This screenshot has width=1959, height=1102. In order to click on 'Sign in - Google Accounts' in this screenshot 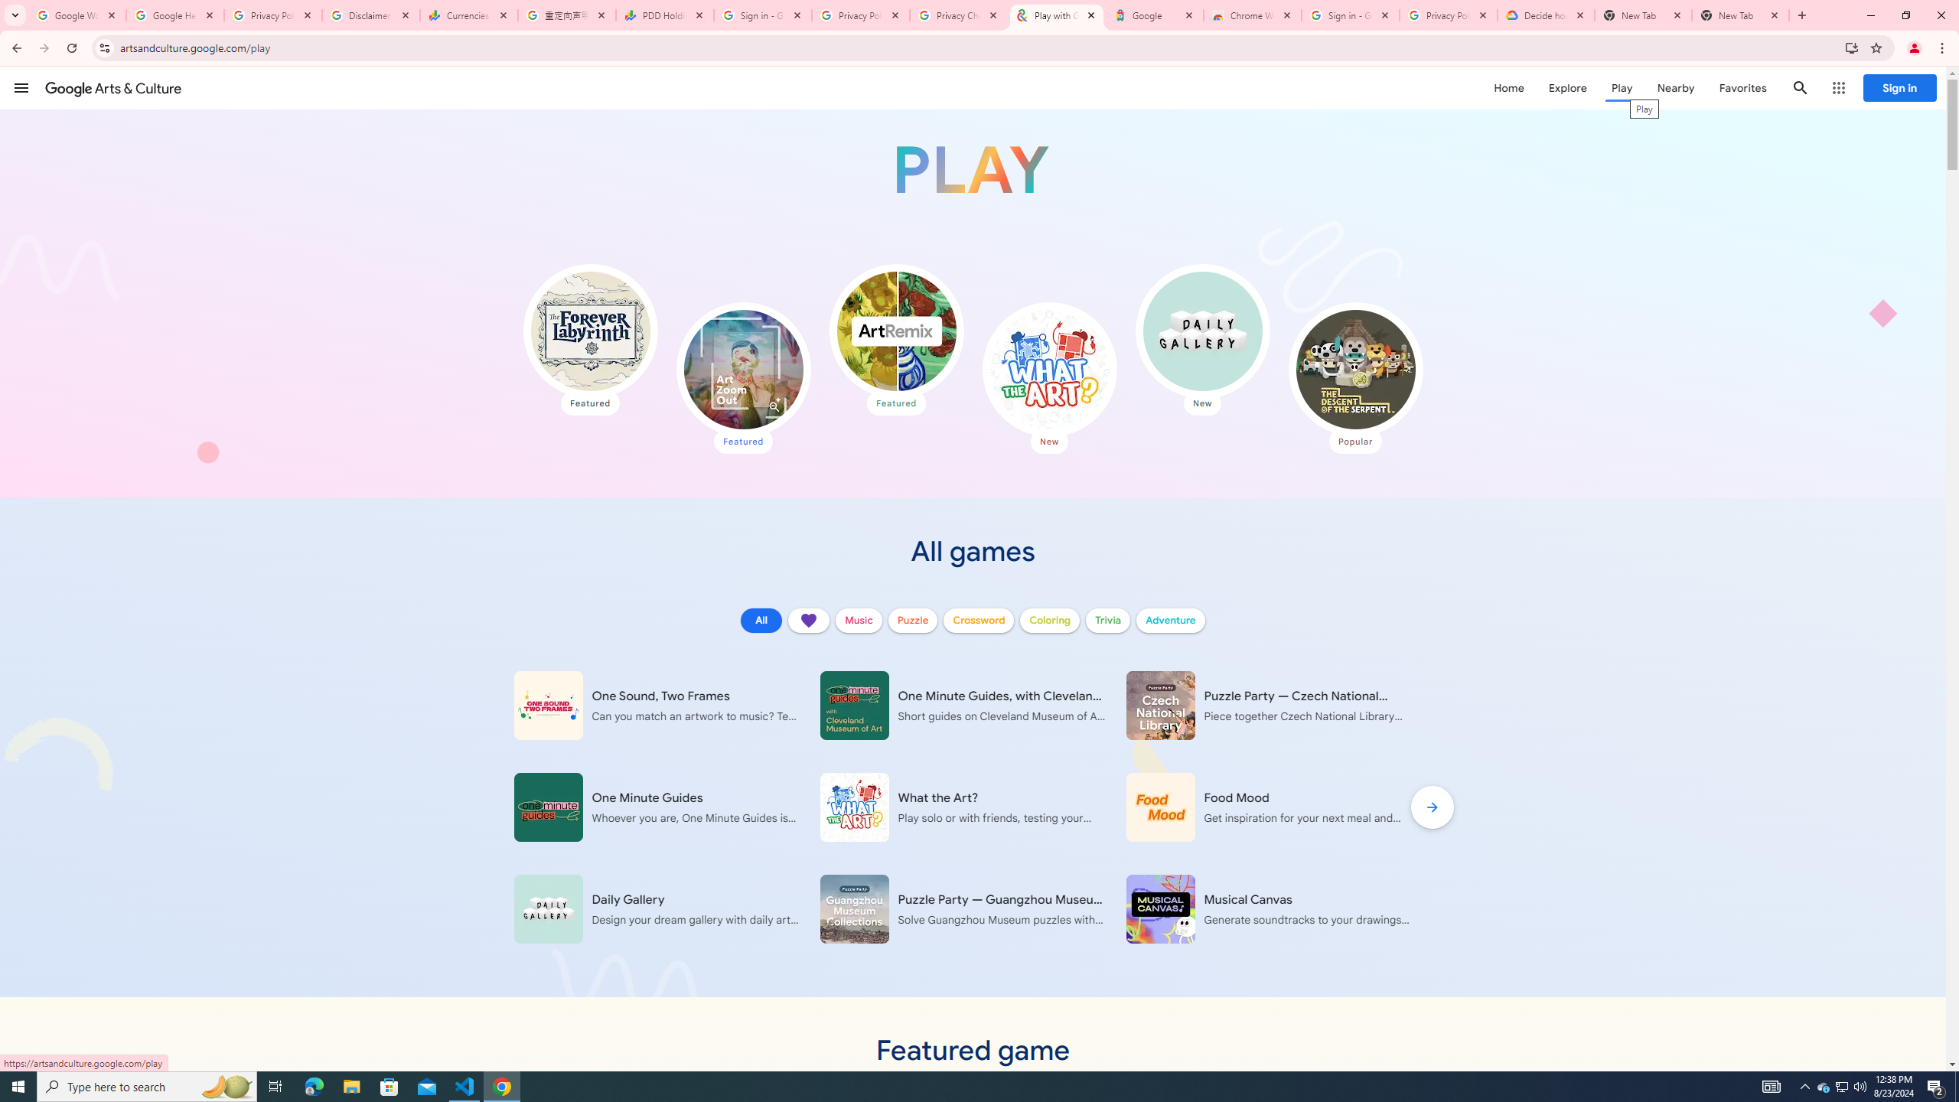, I will do `click(1351, 15)`.